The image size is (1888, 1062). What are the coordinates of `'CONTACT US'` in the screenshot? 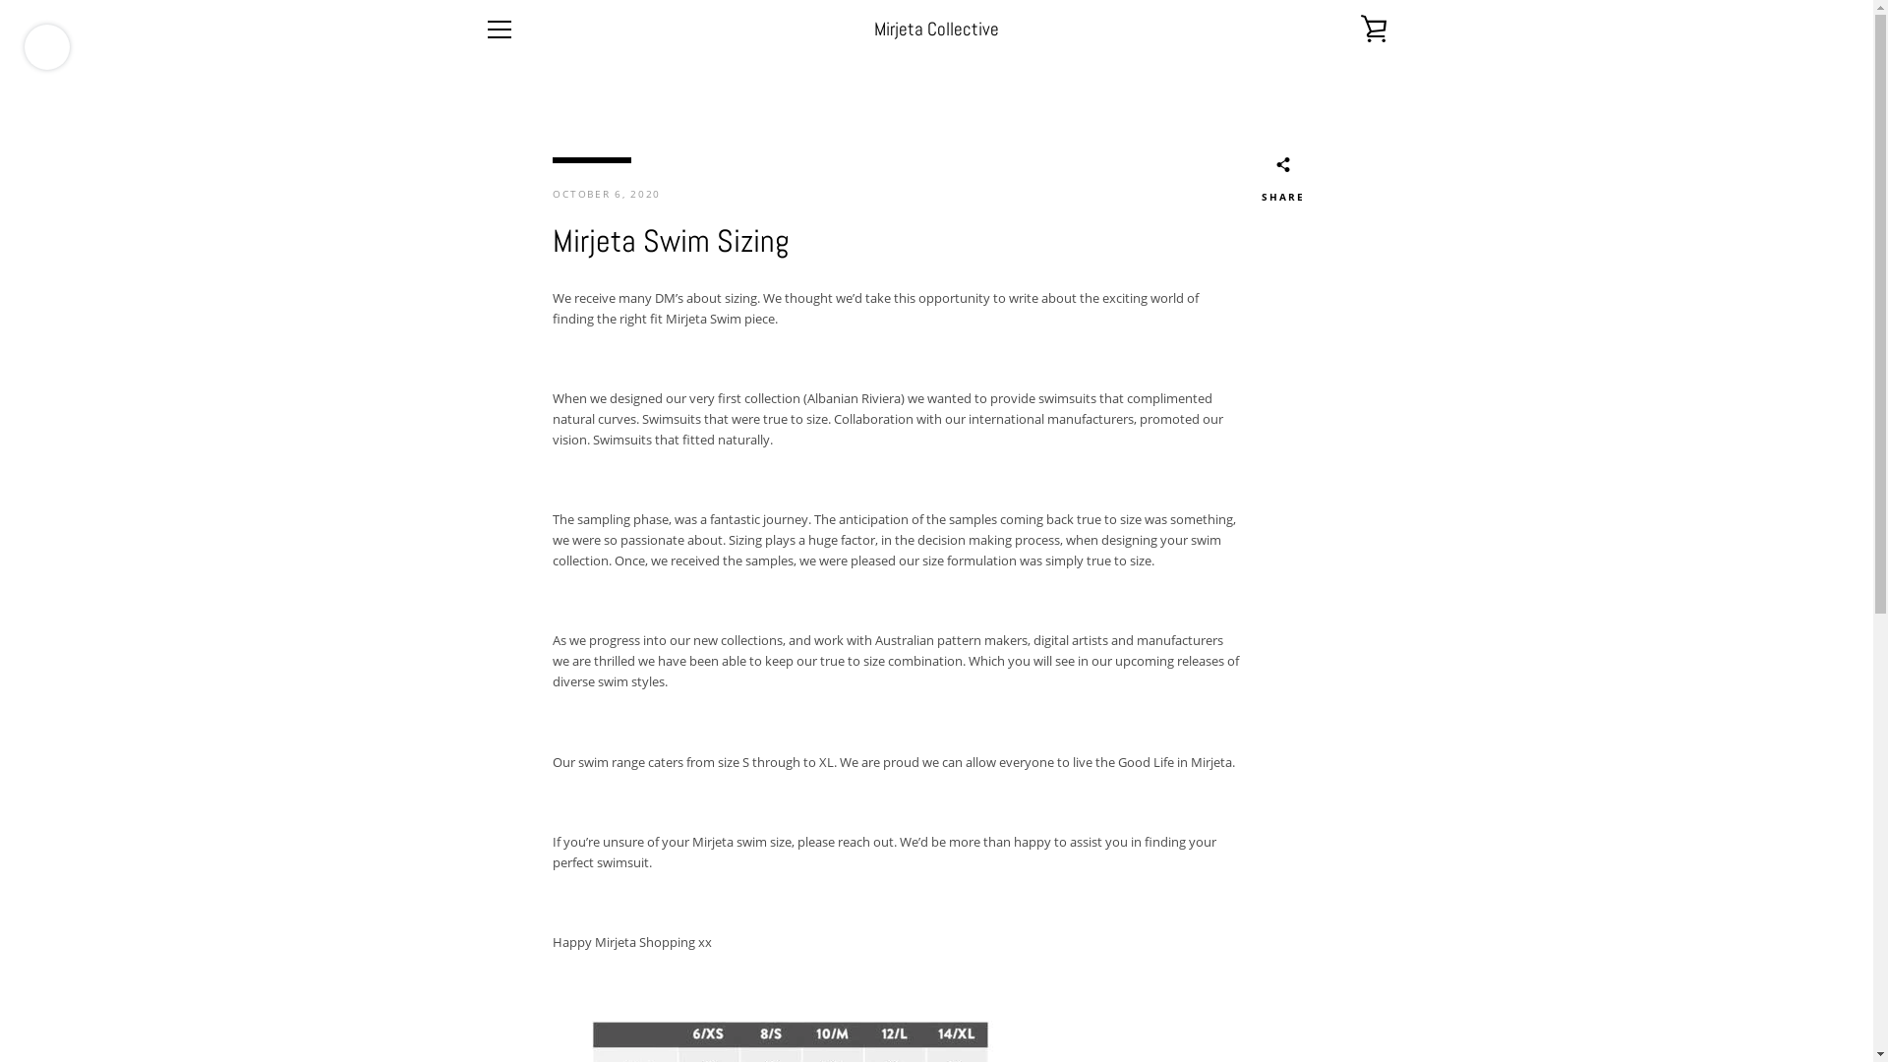 It's located at (483, 906).